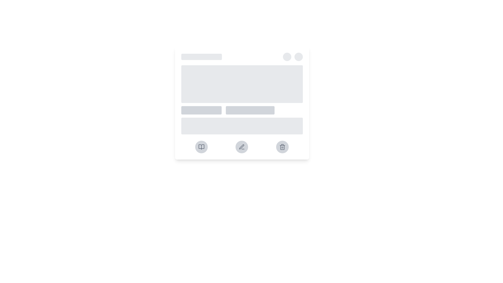 This screenshot has width=503, height=283. What do you see at coordinates (242, 147) in the screenshot?
I see `the circular button with a light gray background containing a pen icon` at bounding box center [242, 147].